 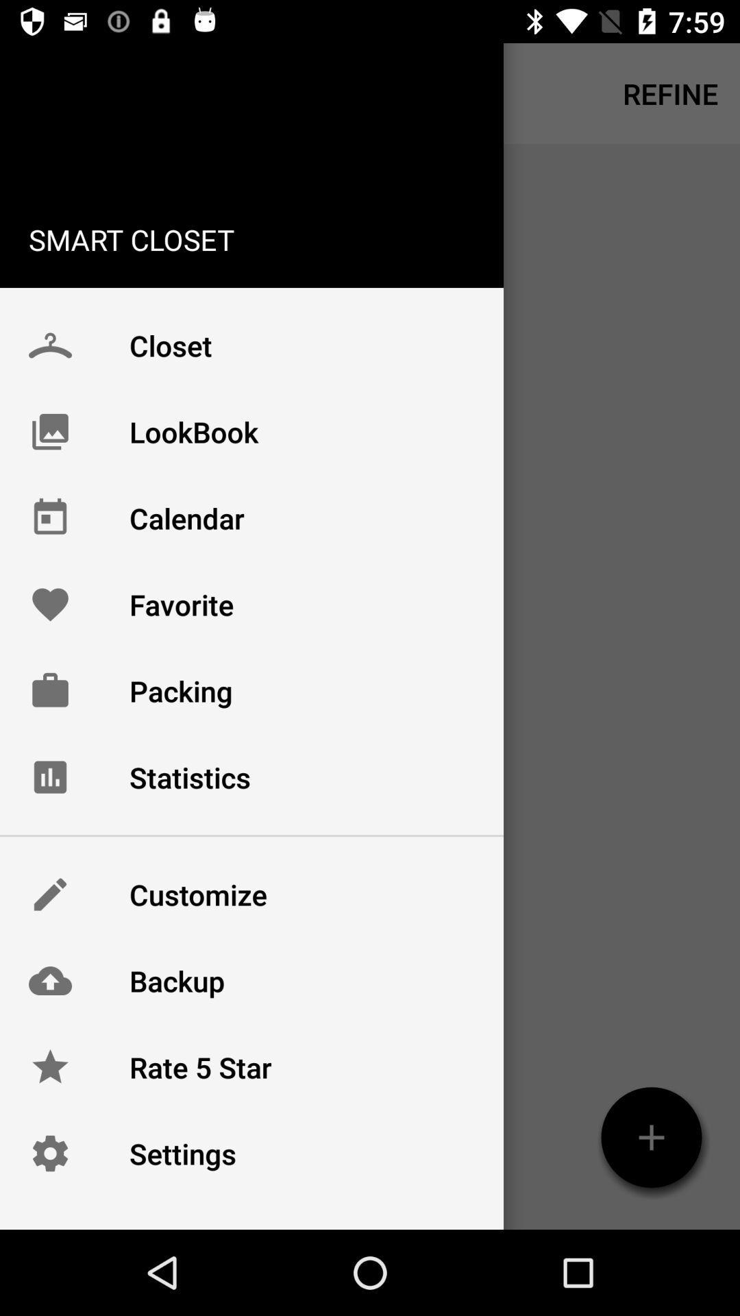 What do you see at coordinates (651, 1137) in the screenshot?
I see `the add icon` at bounding box center [651, 1137].